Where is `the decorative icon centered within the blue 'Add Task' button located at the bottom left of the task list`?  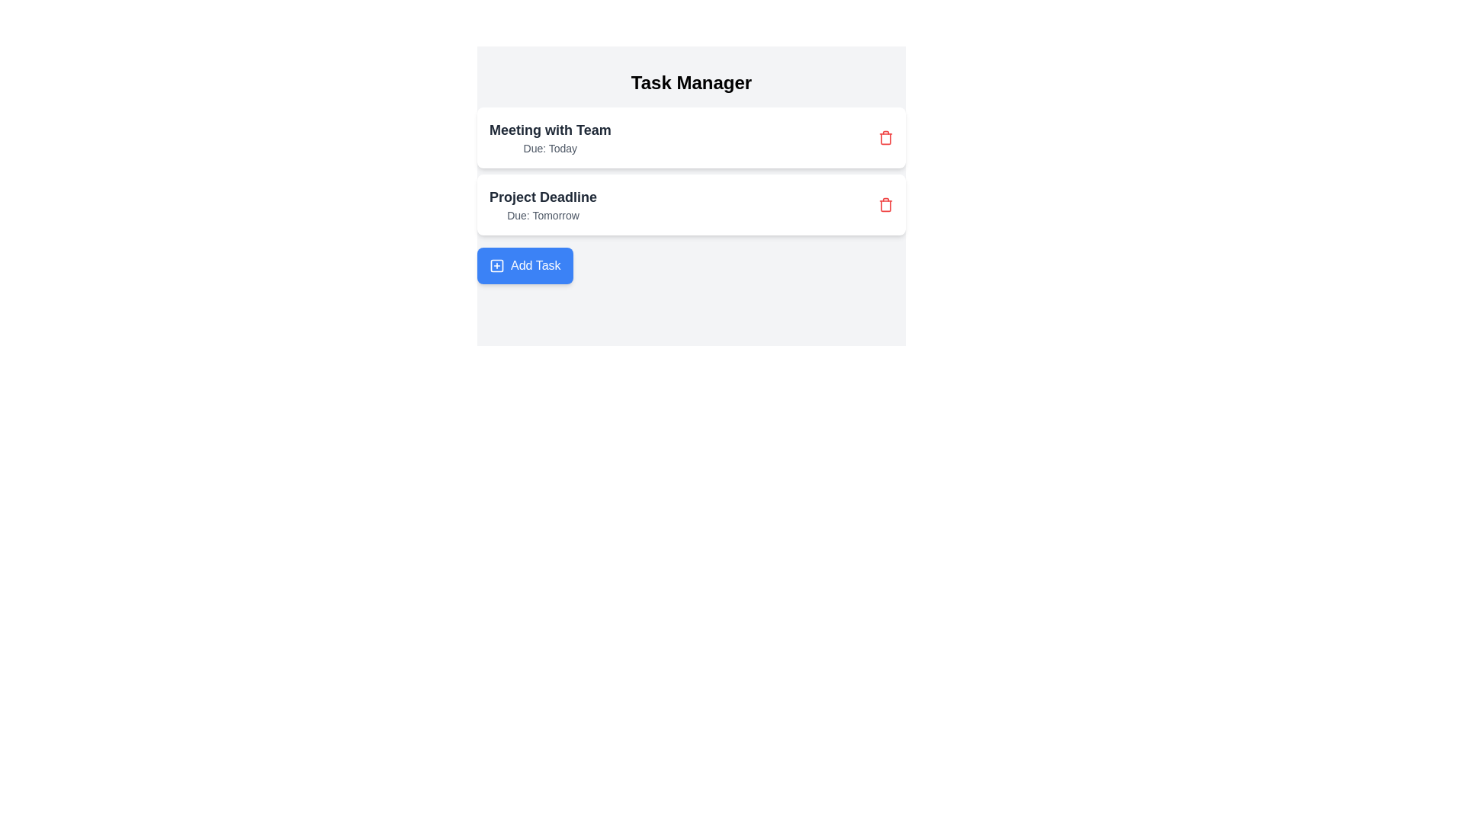
the decorative icon centered within the blue 'Add Task' button located at the bottom left of the task list is located at coordinates (497, 264).